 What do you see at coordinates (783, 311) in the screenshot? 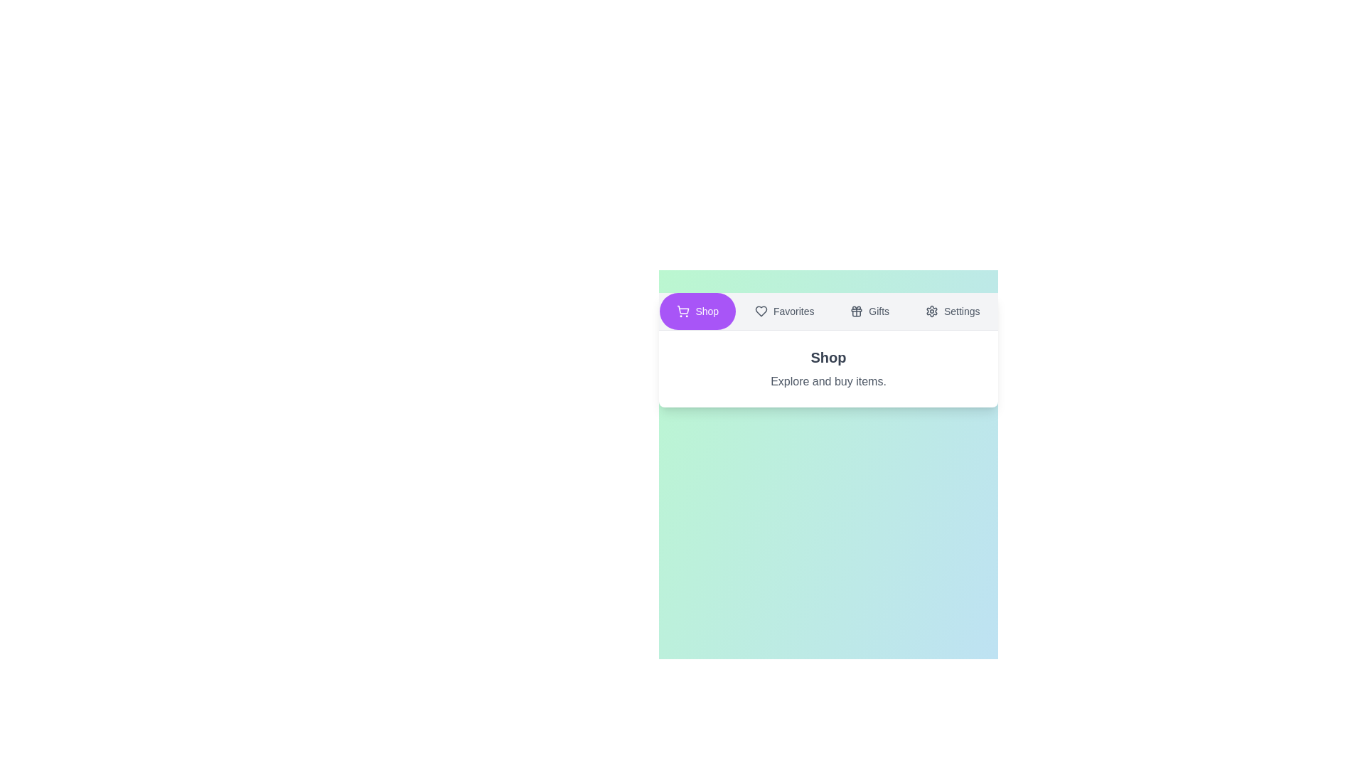
I see `the button labeled Favorites` at bounding box center [783, 311].